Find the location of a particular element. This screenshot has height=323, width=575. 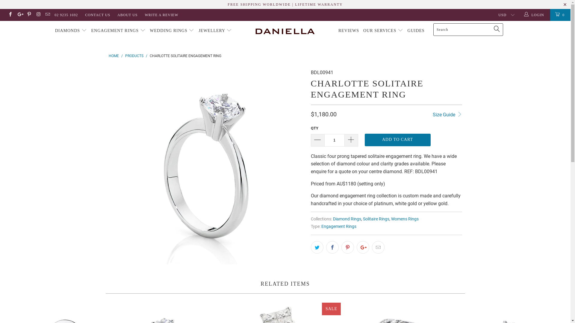

'CONTACT US' is located at coordinates (98, 15).